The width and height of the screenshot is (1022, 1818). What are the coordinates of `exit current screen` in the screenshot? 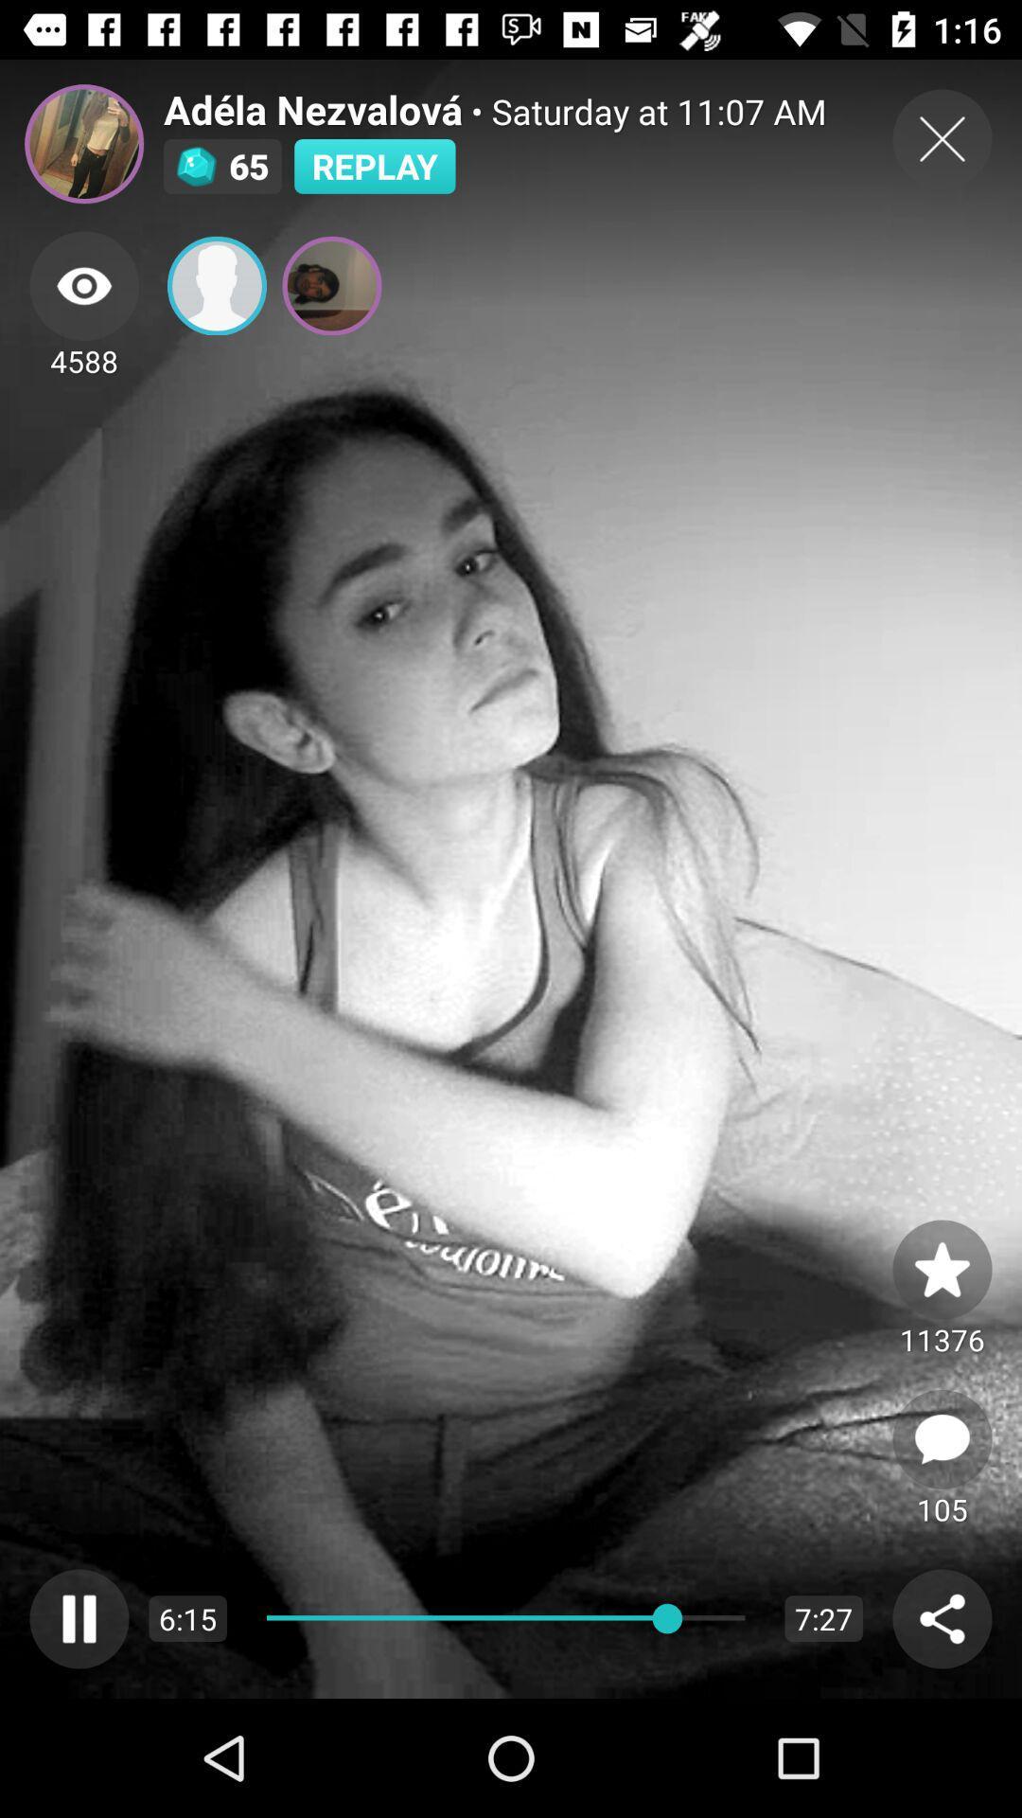 It's located at (942, 138).